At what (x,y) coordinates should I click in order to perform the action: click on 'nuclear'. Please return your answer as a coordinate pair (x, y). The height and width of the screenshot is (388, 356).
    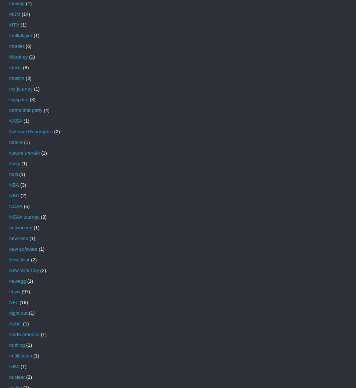
    Looking at the image, I should click on (16, 377).